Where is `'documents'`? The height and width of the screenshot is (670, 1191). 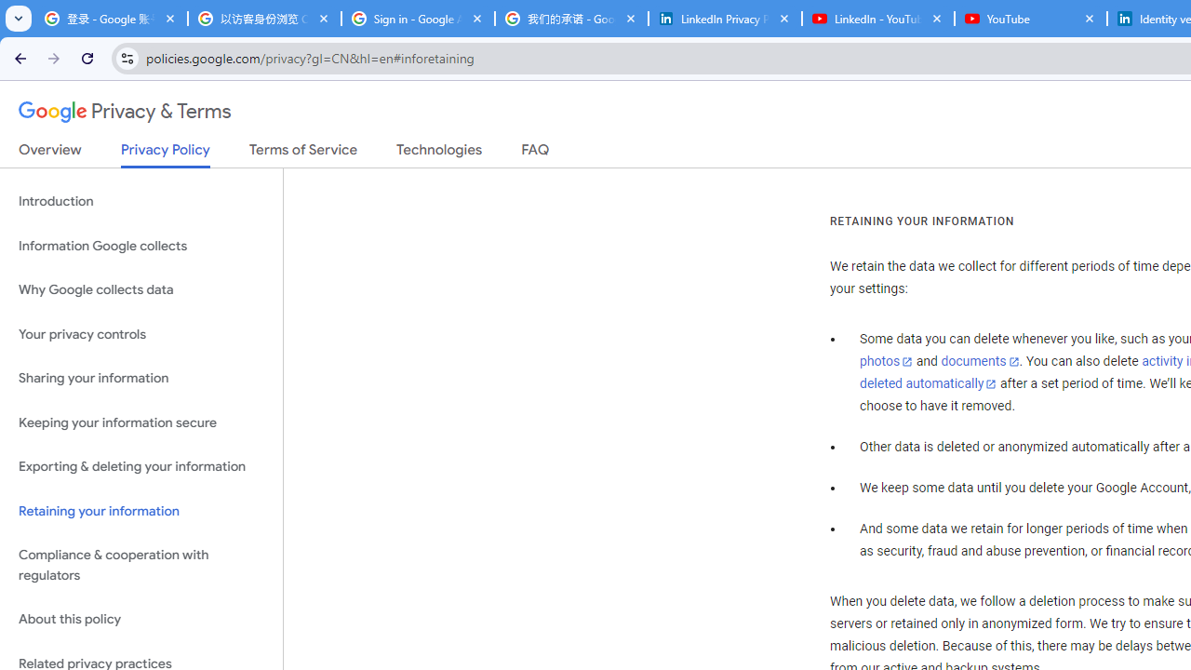
'documents' is located at coordinates (979, 362).